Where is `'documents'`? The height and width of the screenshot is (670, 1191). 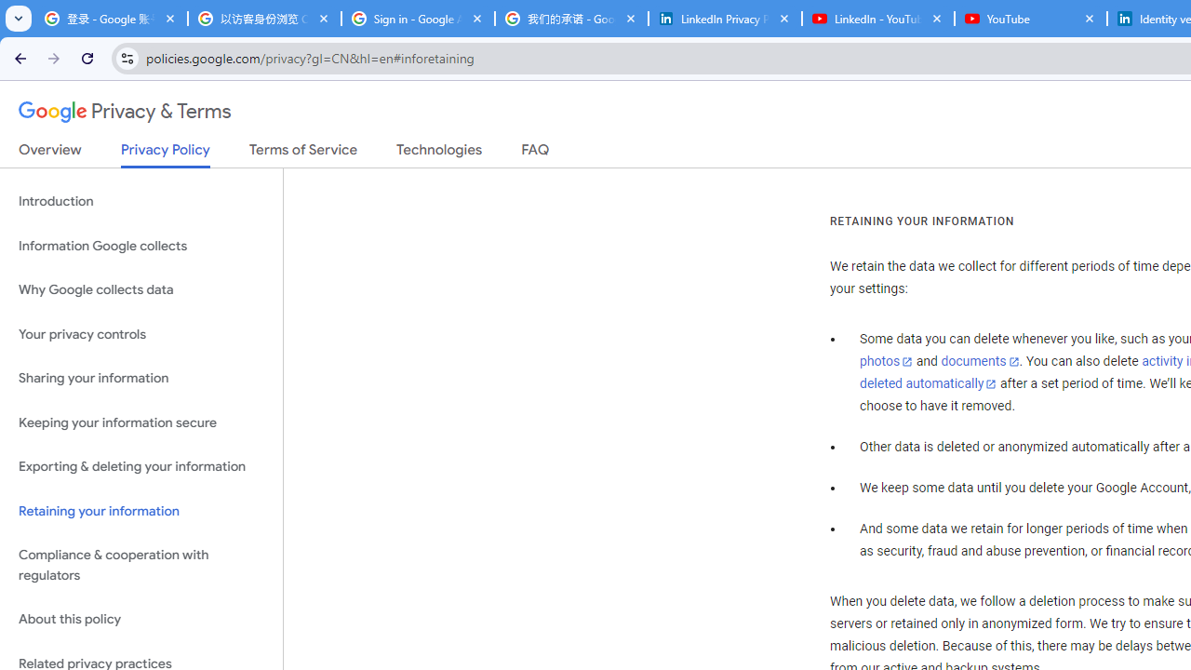
'documents' is located at coordinates (979, 362).